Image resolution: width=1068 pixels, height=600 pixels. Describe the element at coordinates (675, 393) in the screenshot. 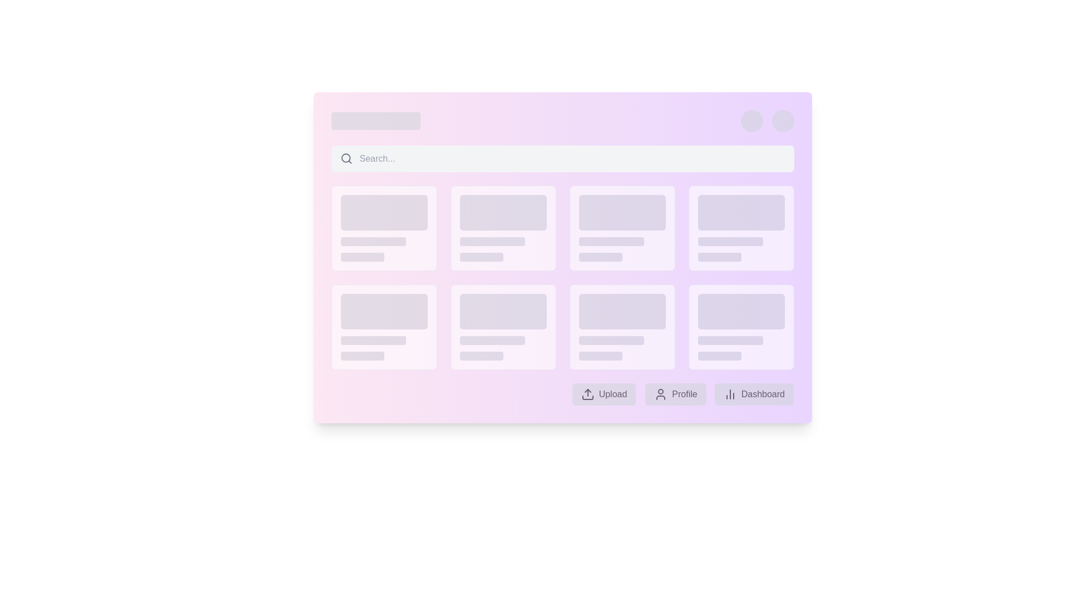

I see `the 'Profile' button, a rectangular button with rounded corners located in the bottom-right corner of the panel` at that location.